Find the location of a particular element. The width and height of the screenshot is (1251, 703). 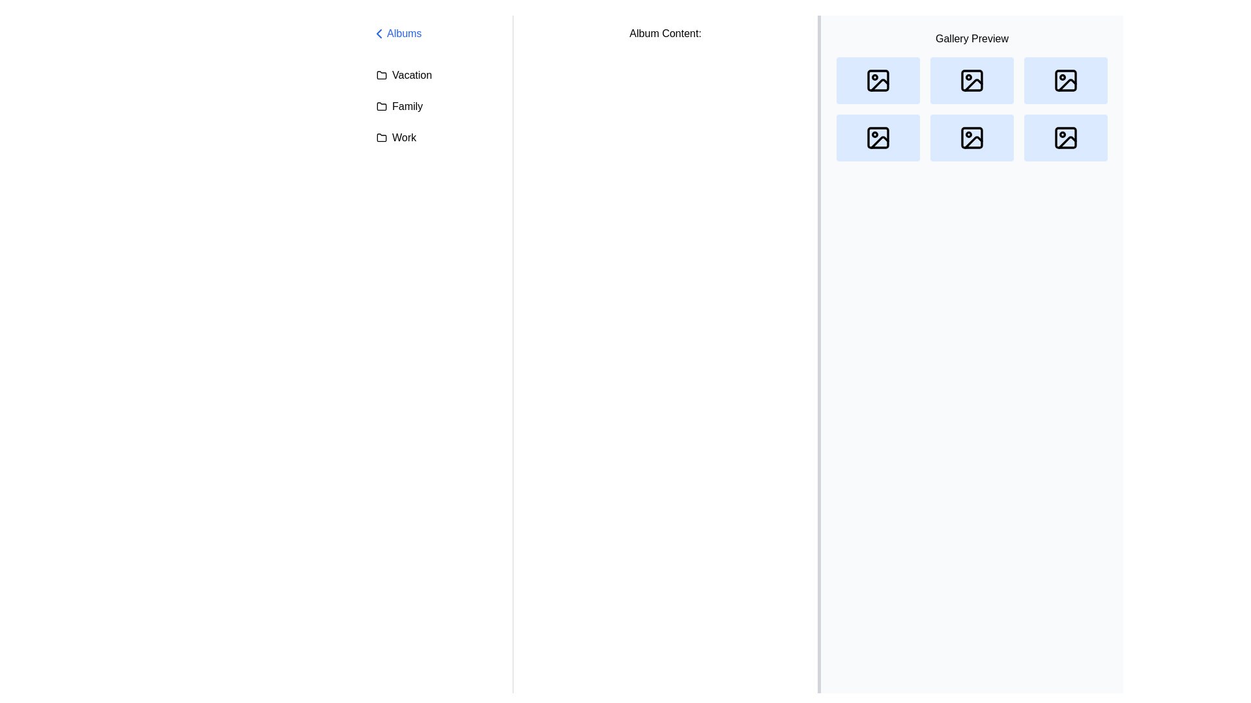

the decorative visual element that is a small rectangle with rounded corners located inside the image icon in the second column and first row of the gallery preview area is located at coordinates (972, 80).